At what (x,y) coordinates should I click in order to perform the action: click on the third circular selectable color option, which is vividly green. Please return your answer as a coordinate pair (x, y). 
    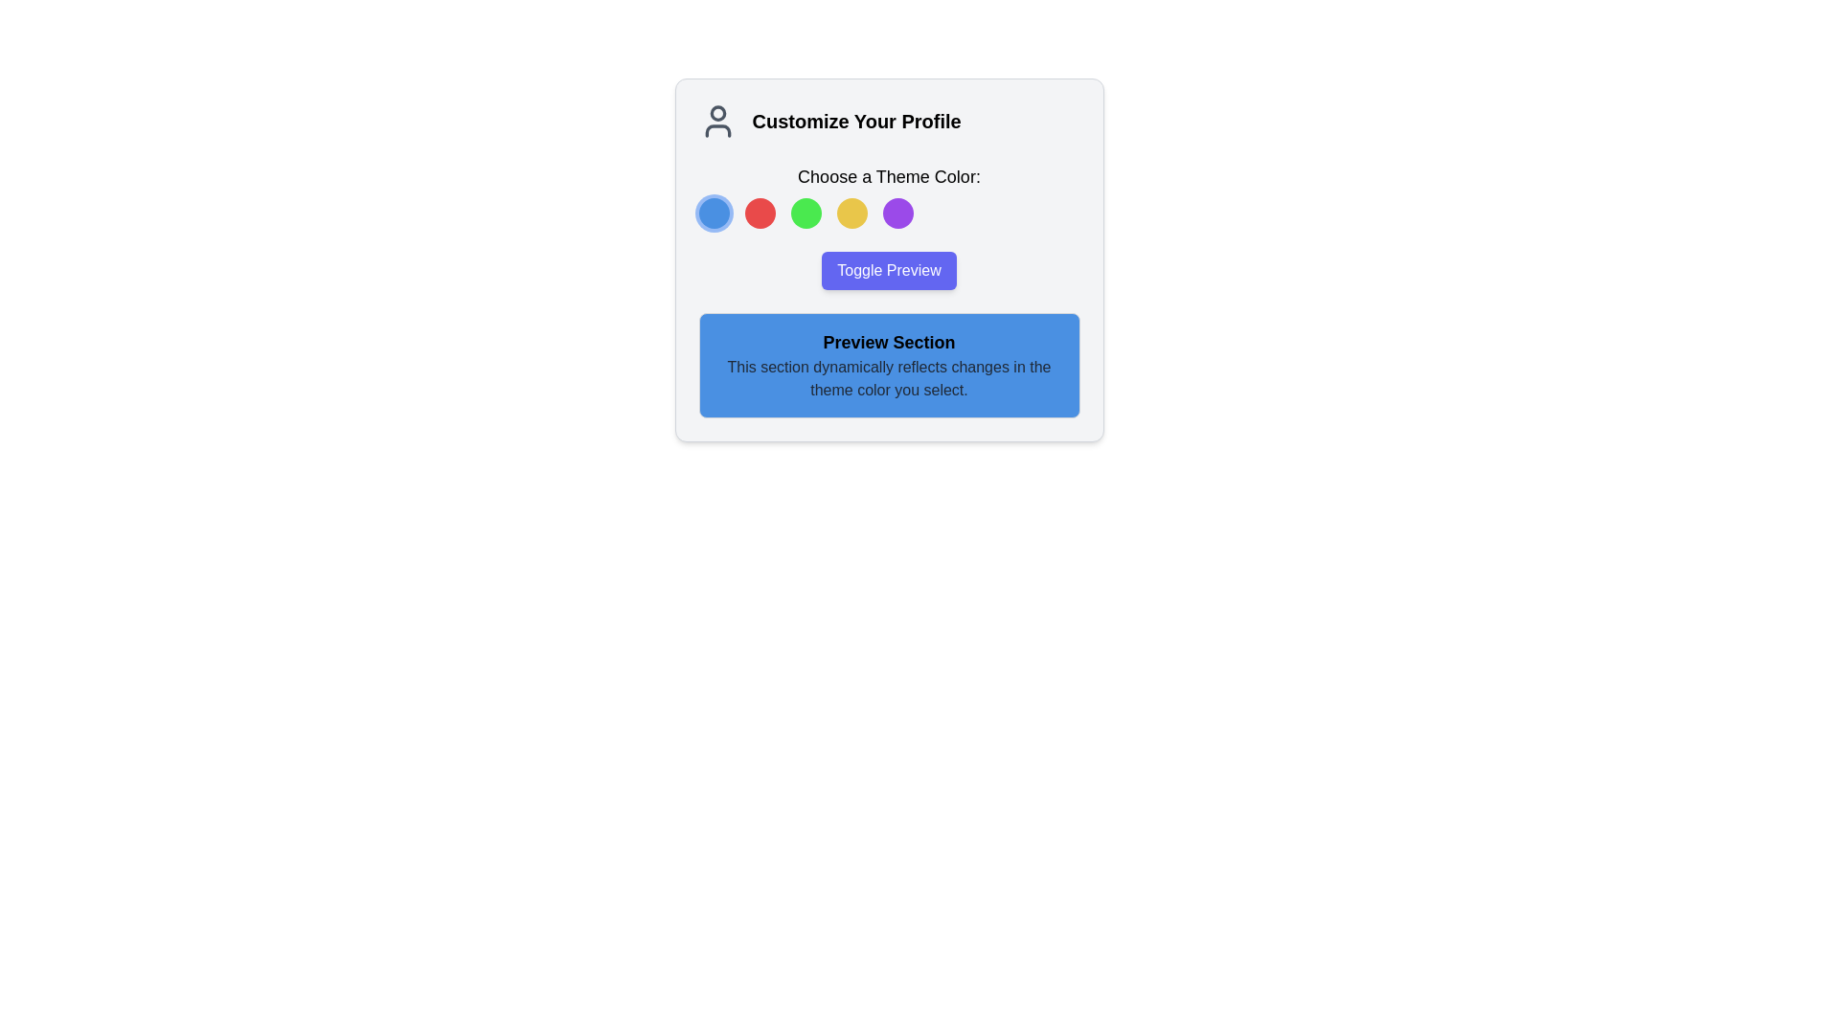
    Looking at the image, I should click on (806, 214).